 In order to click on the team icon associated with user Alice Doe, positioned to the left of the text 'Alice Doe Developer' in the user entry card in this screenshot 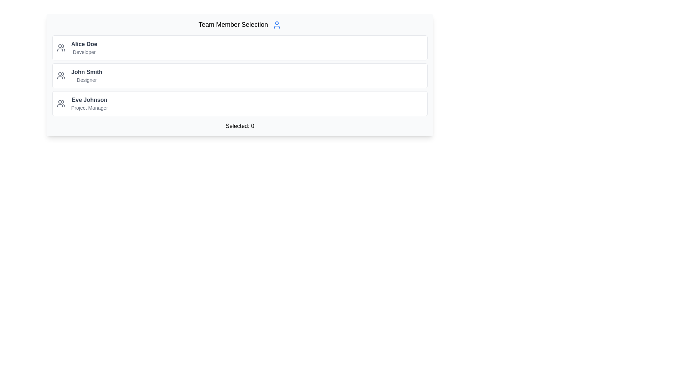, I will do `click(61, 48)`.